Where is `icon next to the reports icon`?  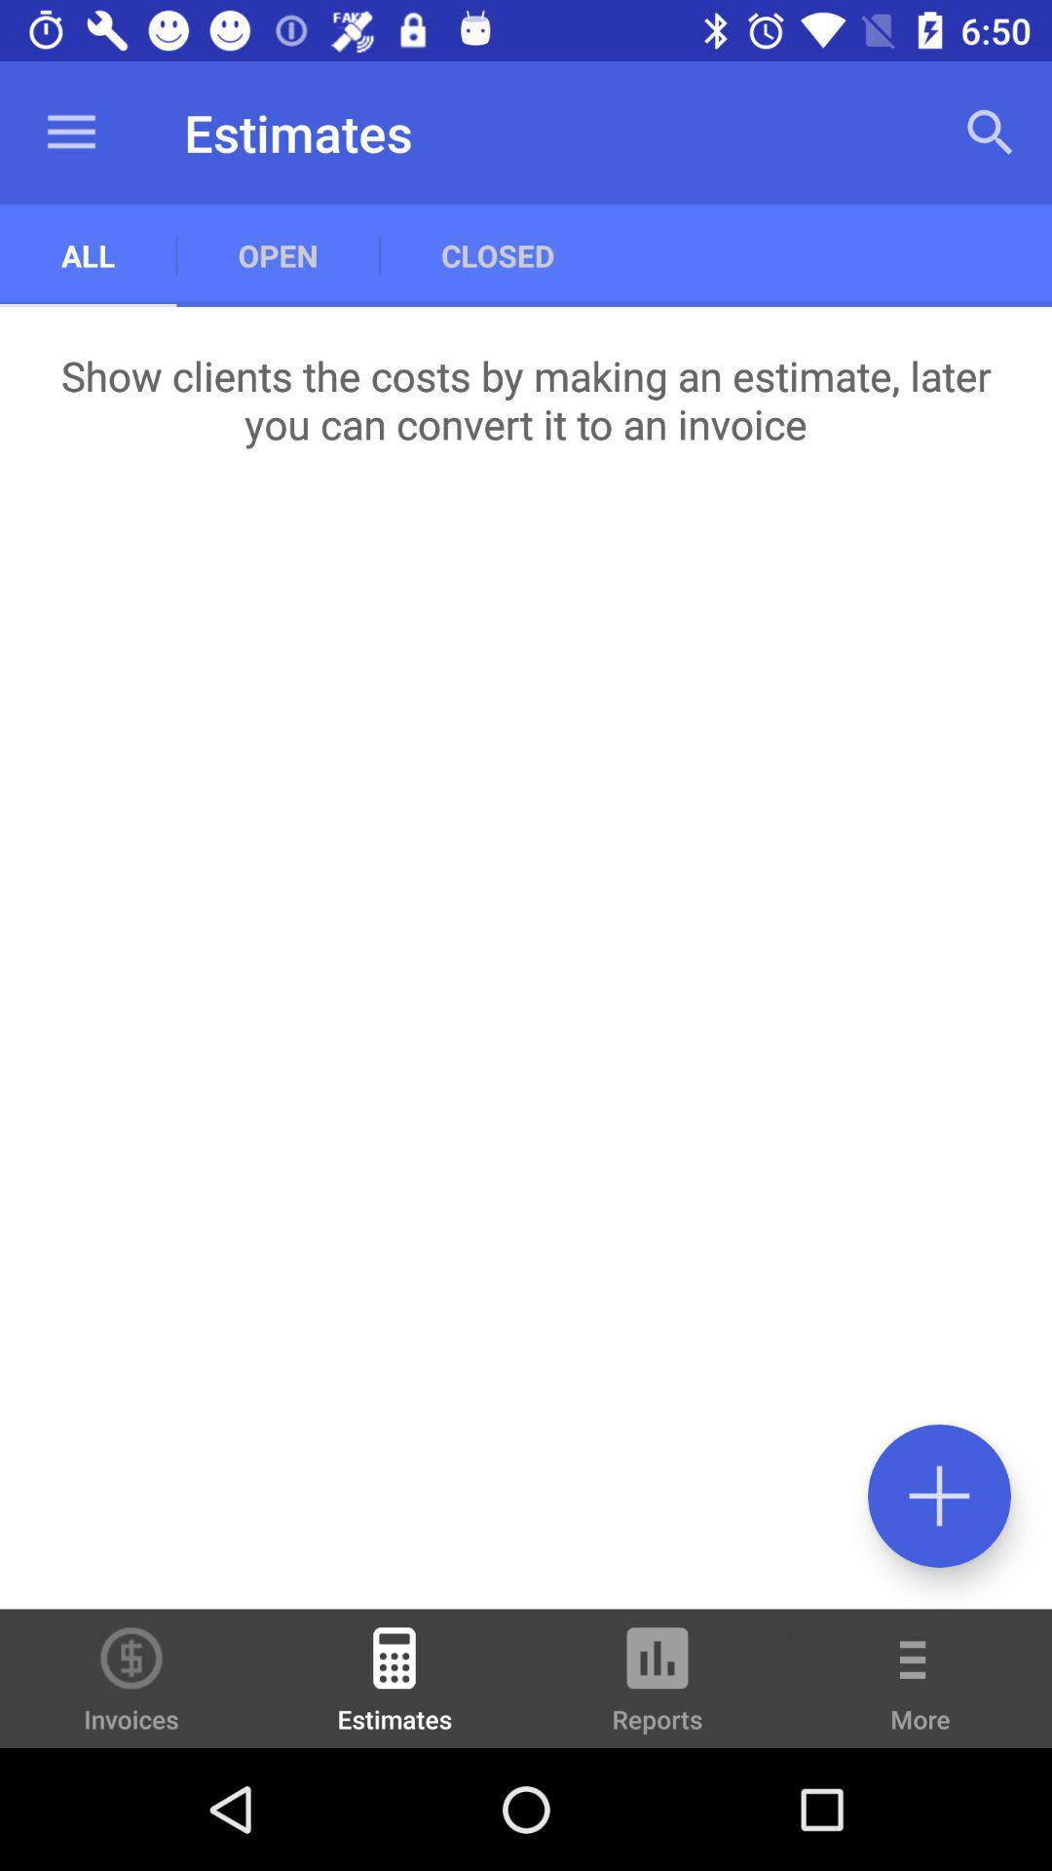
icon next to the reports icon is located at coordinates (920, 1692).